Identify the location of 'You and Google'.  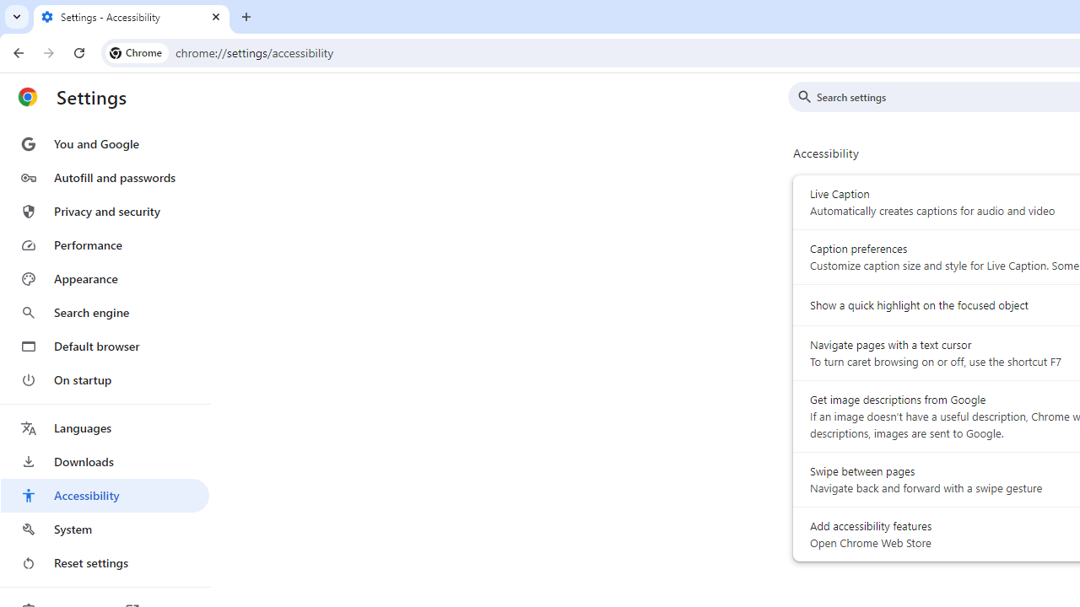
(104, 143).